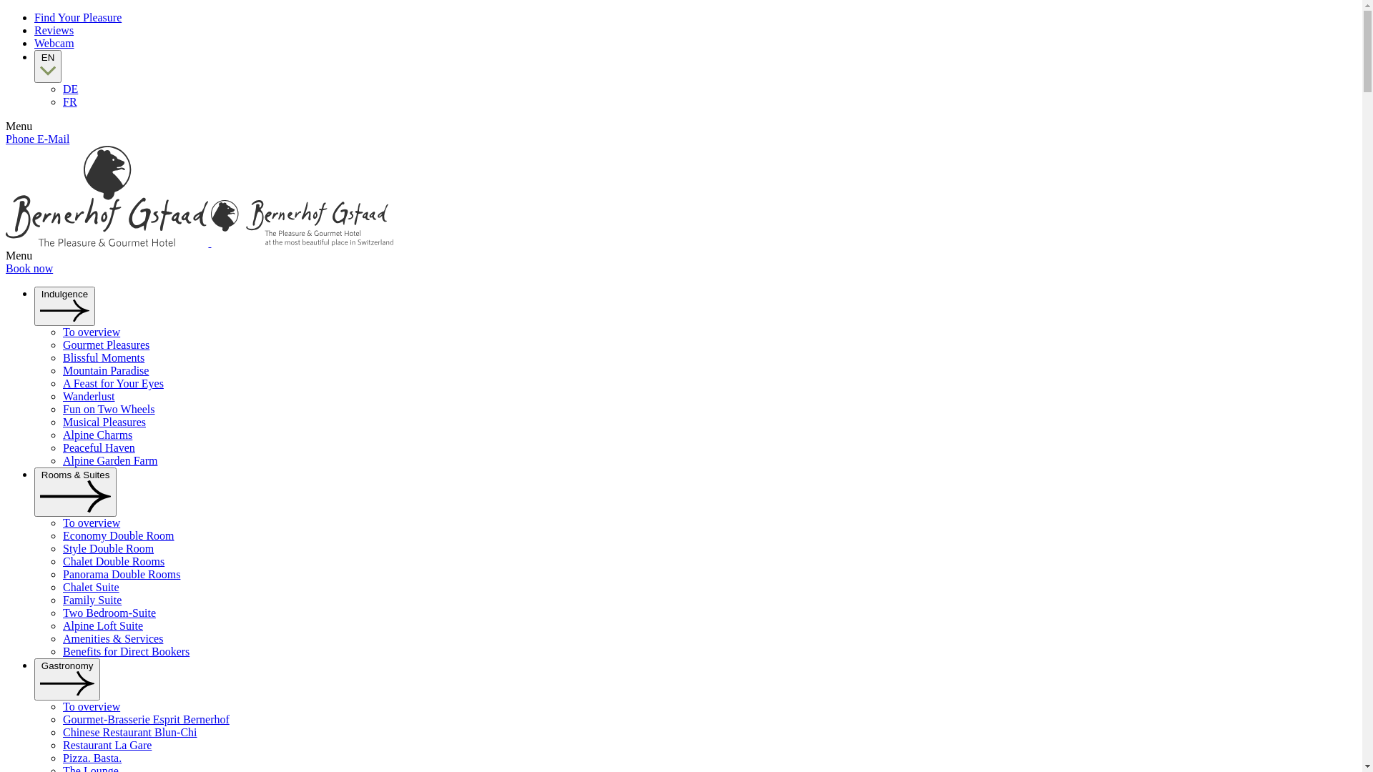 The height and width of the screenshot is (772, 1373). I want to click on 'Rooms & Suites', so click(74, 491).